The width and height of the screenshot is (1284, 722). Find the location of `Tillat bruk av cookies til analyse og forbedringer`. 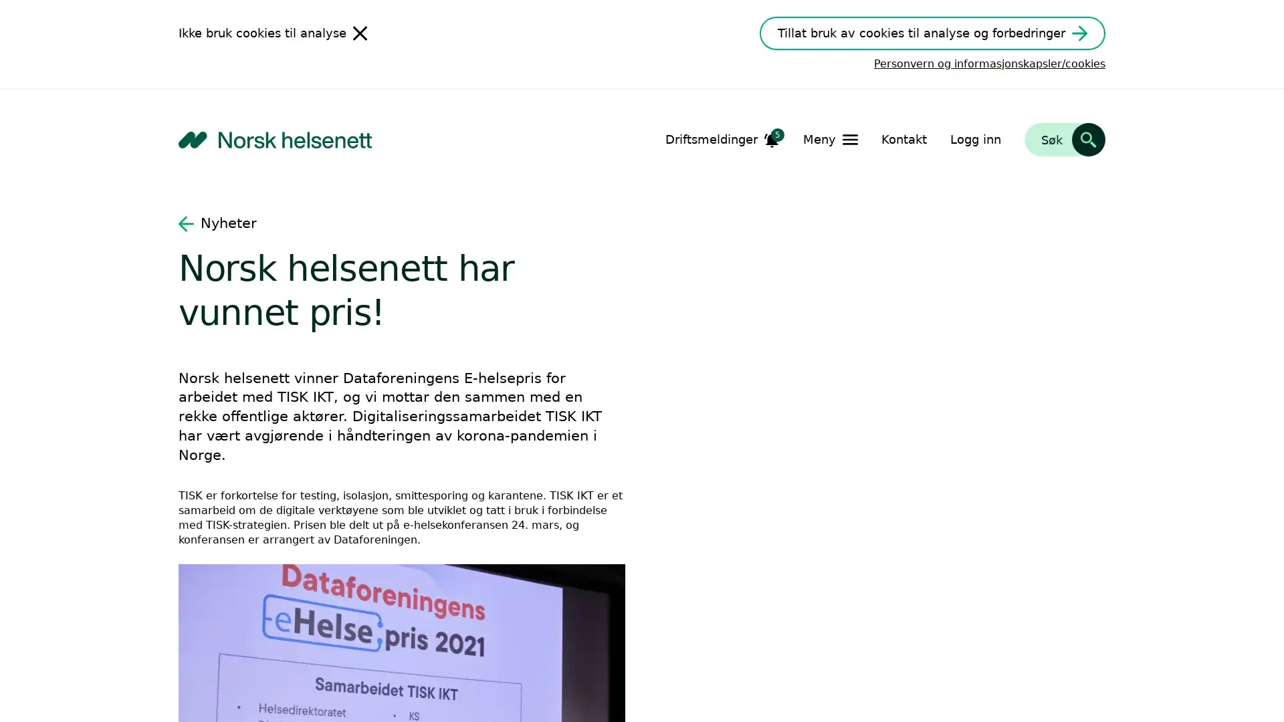

Tillat bruk av cookies til analyse og forbedringer is located at coordinates (932, 33).